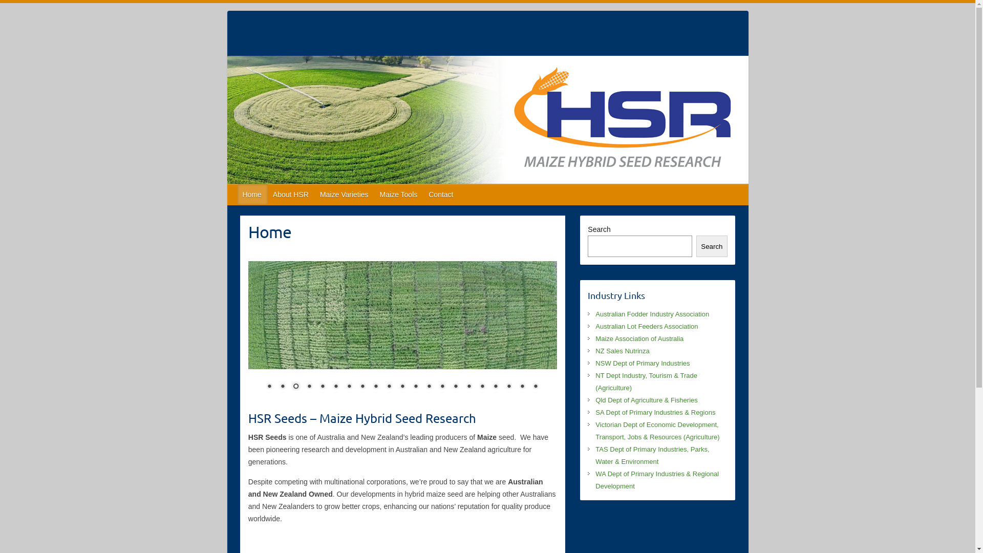 The height and width of the screenshot is (553, 983). Describe the element at coordinates (415, 387) in the screenshot. I see `'12'` at that location.